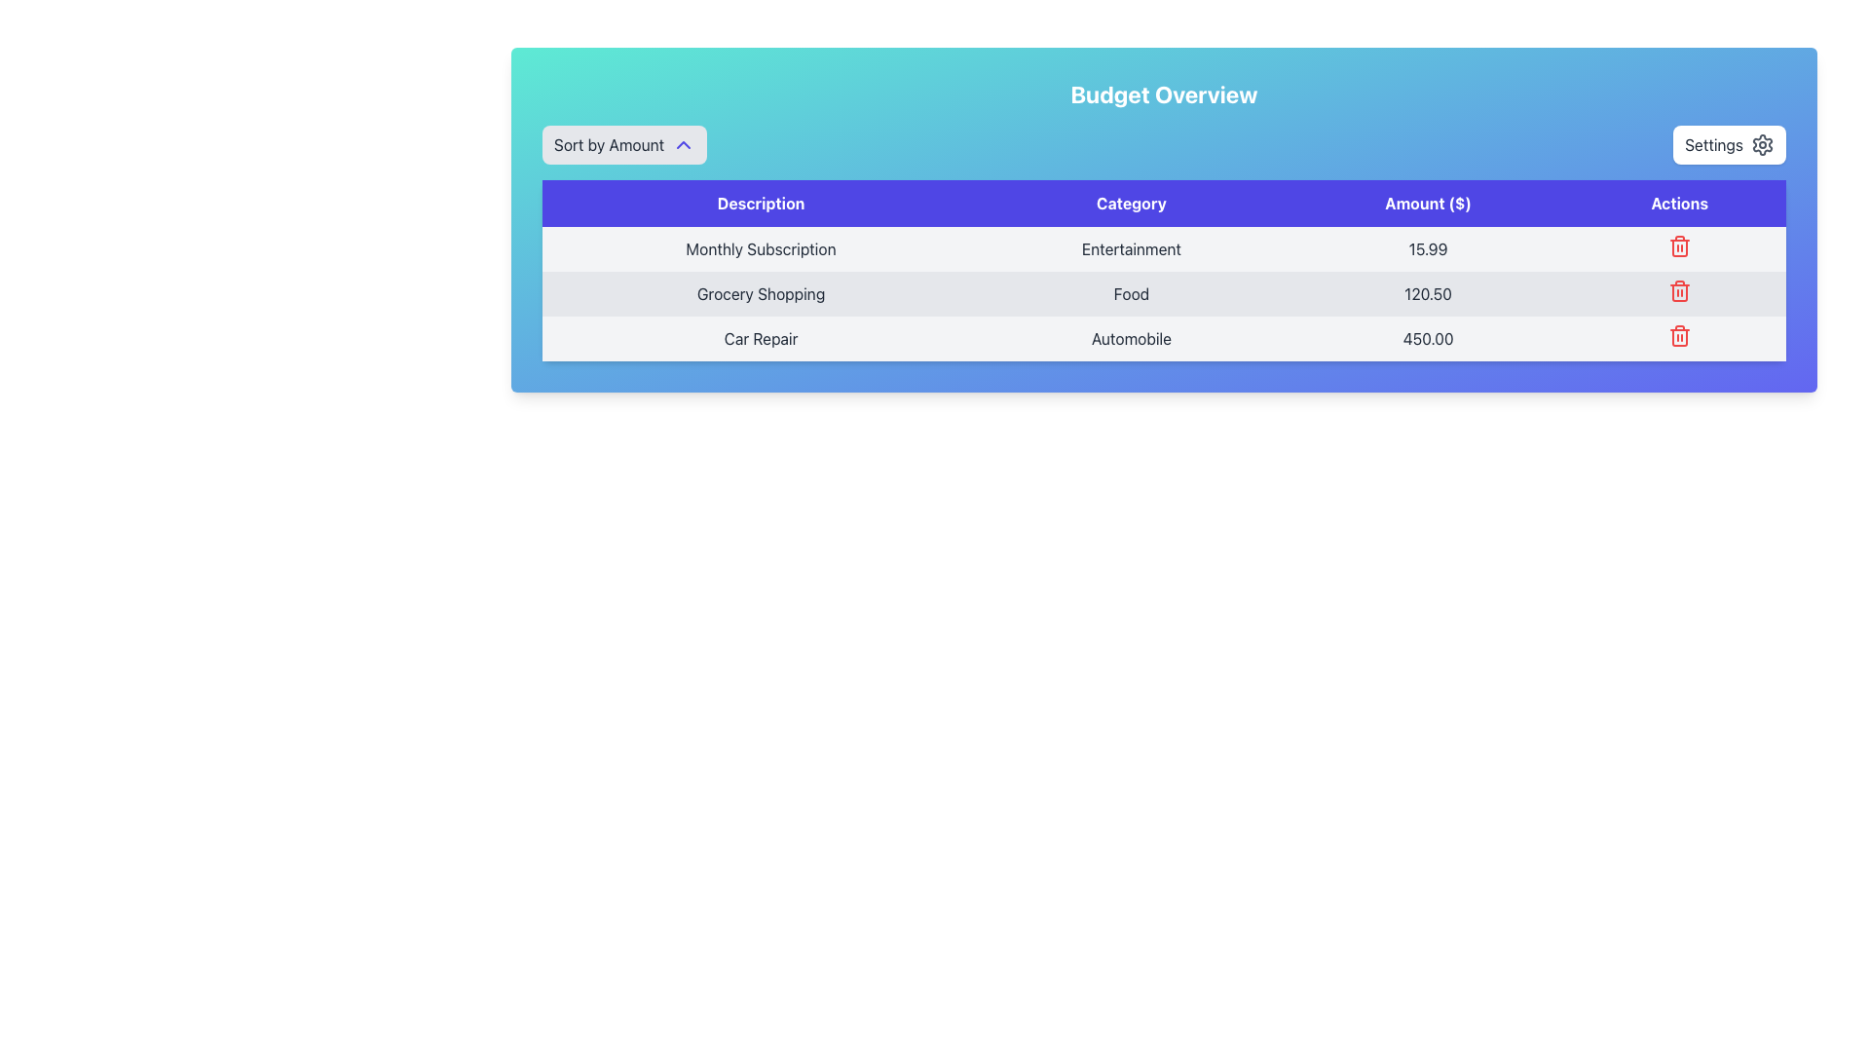  What do you see at coordinates (1164, 337) in the screenshot?
I see `the third row of the financial data table containing 'Car Repair', 'Automobile', and '450.00' for additional options` at bounding box center [1164, 337].